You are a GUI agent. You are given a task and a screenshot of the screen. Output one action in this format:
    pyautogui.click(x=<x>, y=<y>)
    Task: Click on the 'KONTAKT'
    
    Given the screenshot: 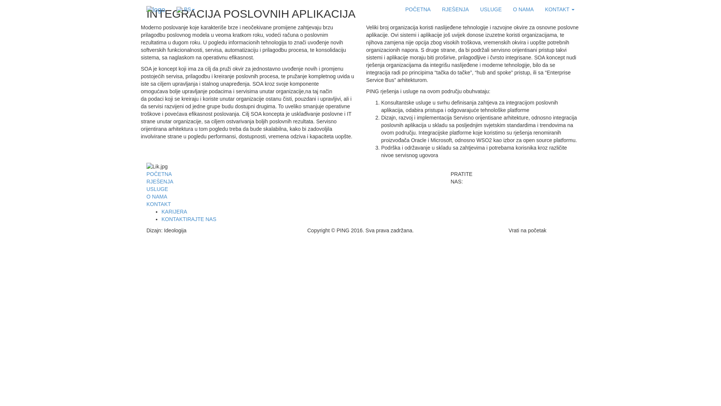 What is the action you would take?
    pyautogui.click(x=560, y=9)
    